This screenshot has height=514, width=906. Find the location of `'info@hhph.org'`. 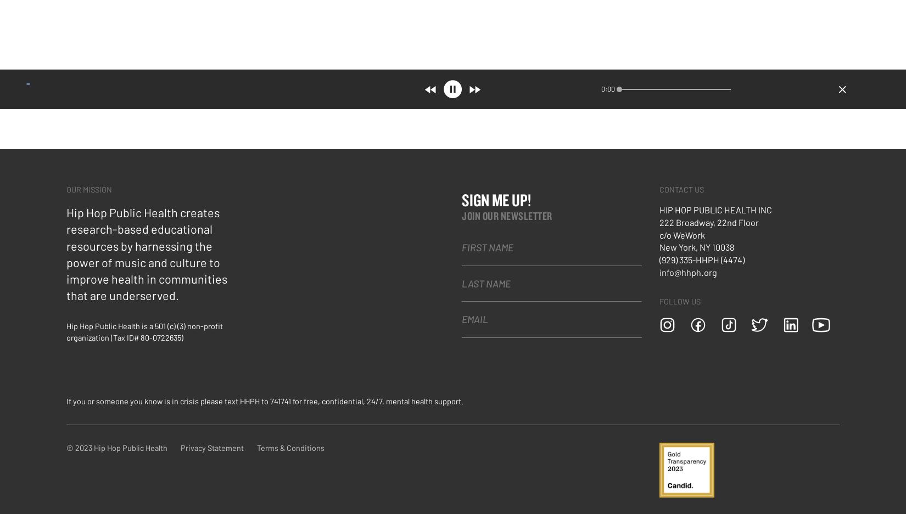

'info@hhph.org' is located at coordinates (659, 272).